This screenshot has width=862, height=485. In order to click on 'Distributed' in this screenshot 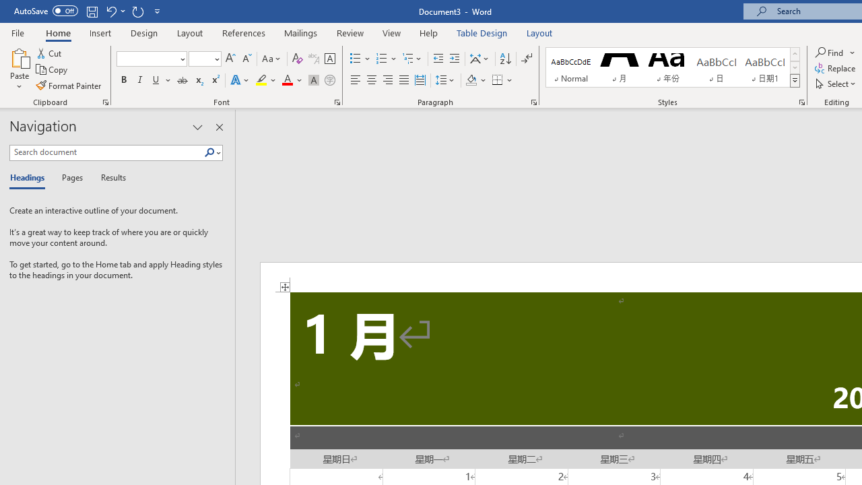, I will do `click(420, 80)`.